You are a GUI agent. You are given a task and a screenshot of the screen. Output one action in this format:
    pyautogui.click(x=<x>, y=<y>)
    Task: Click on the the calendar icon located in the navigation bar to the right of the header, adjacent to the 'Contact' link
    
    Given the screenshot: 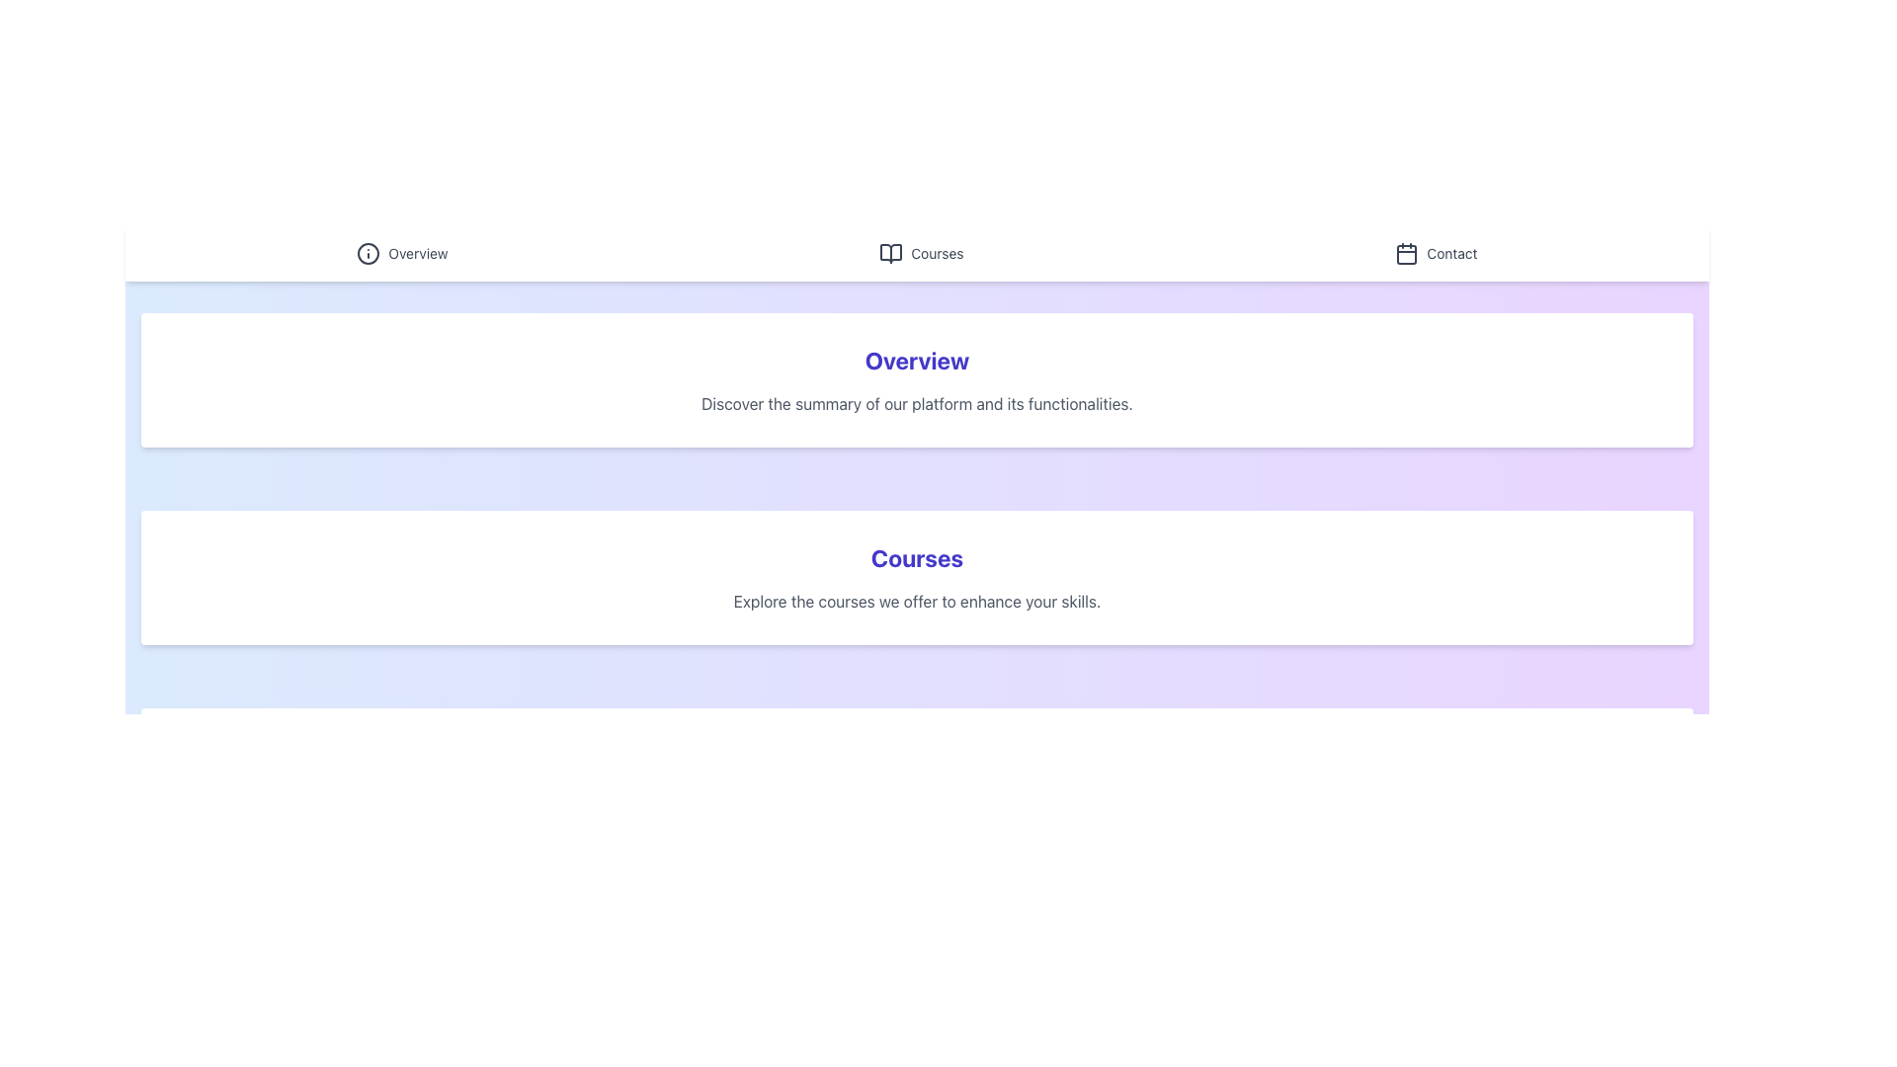 What is the action you would take?
    pyautogui.click(x=1406, y=253)
    